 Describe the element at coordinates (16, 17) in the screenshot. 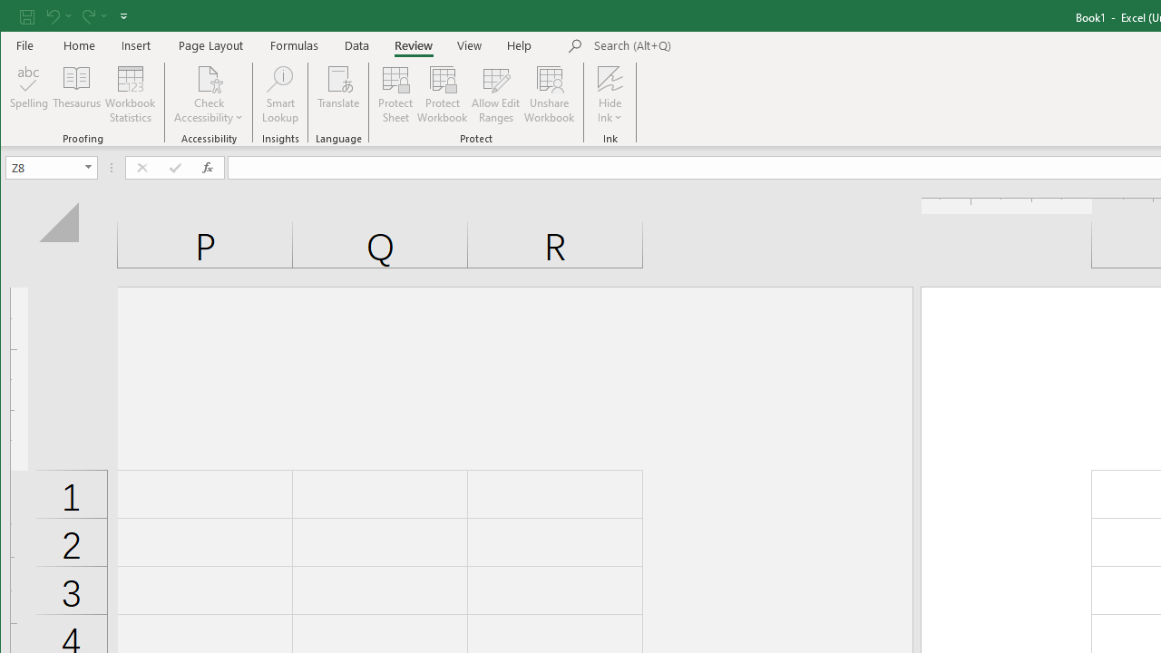

I see `'System'` at that location.